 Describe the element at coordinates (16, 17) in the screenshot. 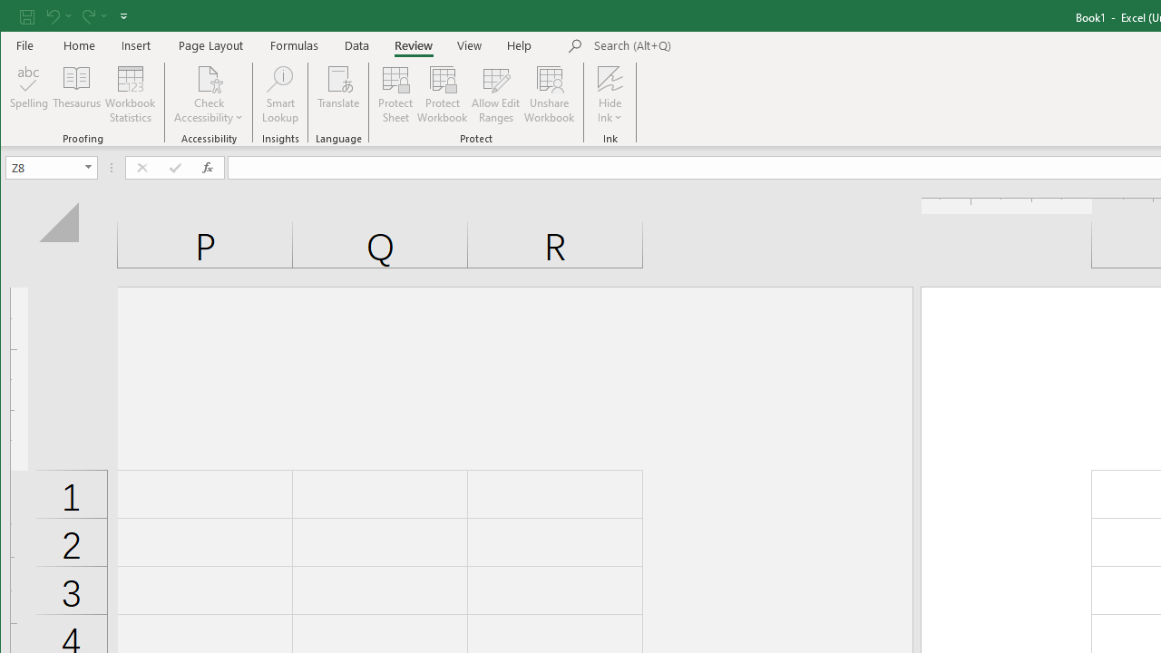

I see `'System'` at that location.